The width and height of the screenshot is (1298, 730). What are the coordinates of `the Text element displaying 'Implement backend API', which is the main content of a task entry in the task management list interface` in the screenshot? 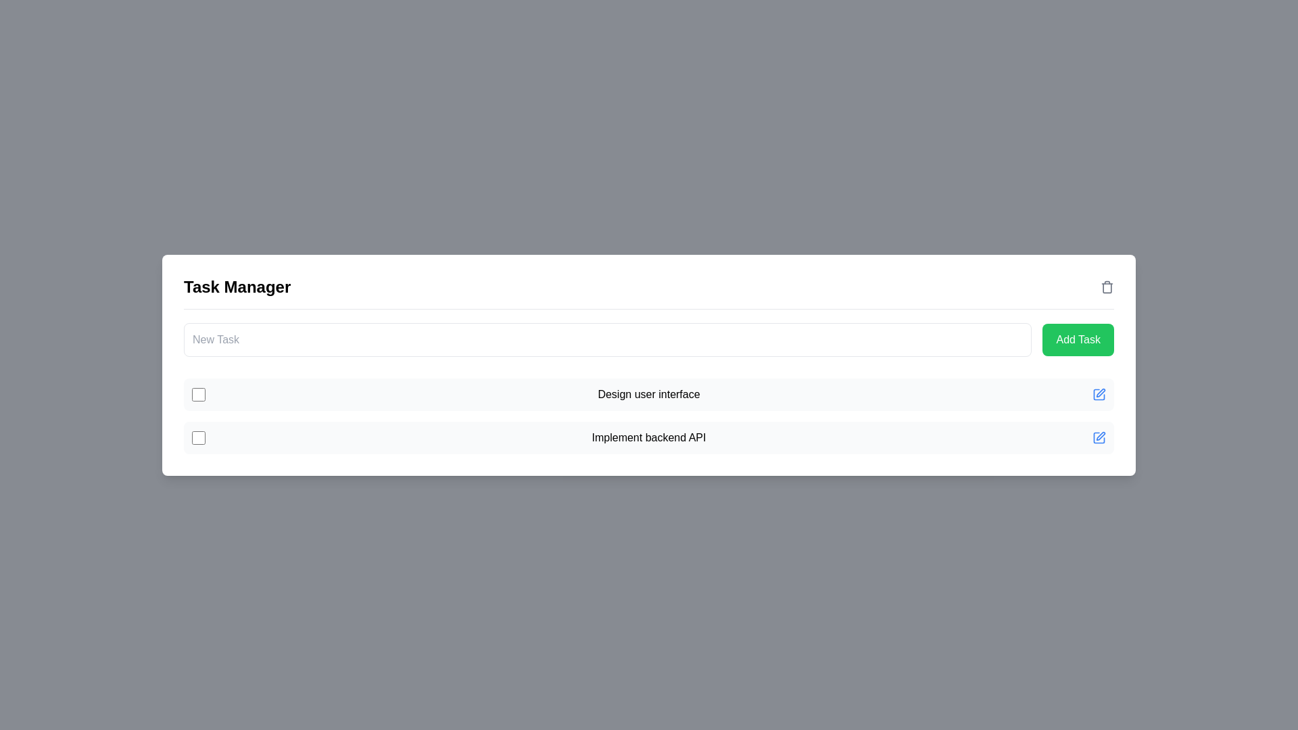 It's located at (649, 437).